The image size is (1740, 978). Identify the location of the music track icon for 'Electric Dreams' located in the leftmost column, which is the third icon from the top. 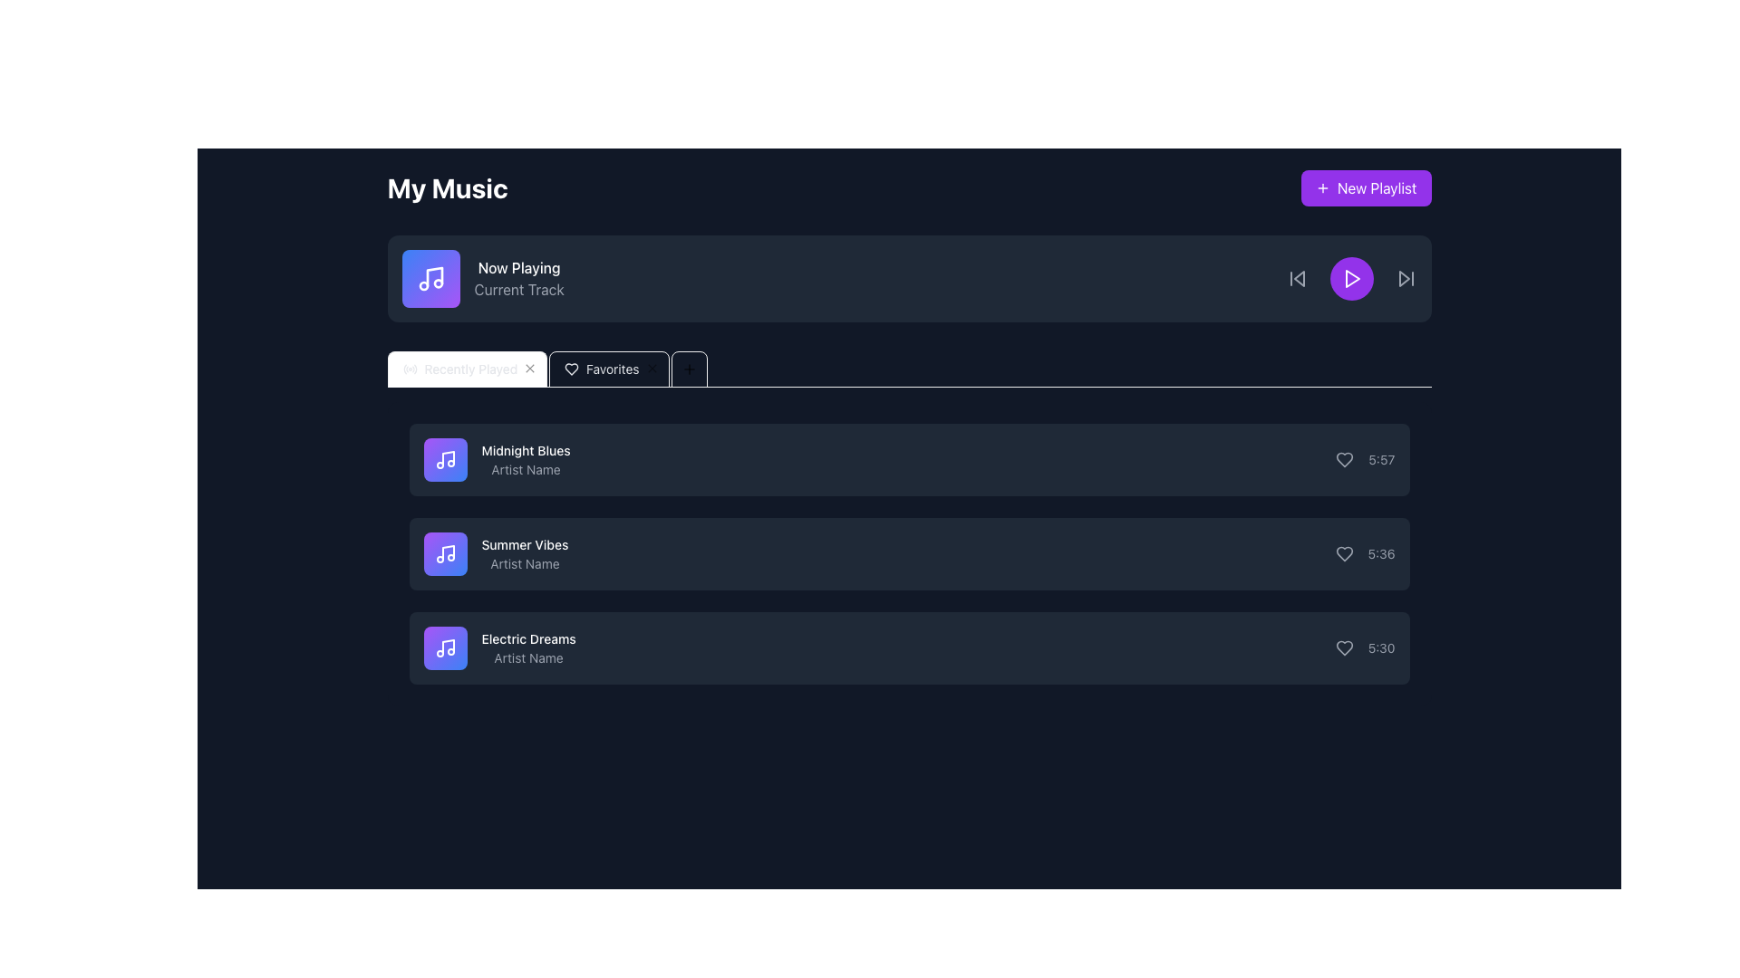
(445, 647).